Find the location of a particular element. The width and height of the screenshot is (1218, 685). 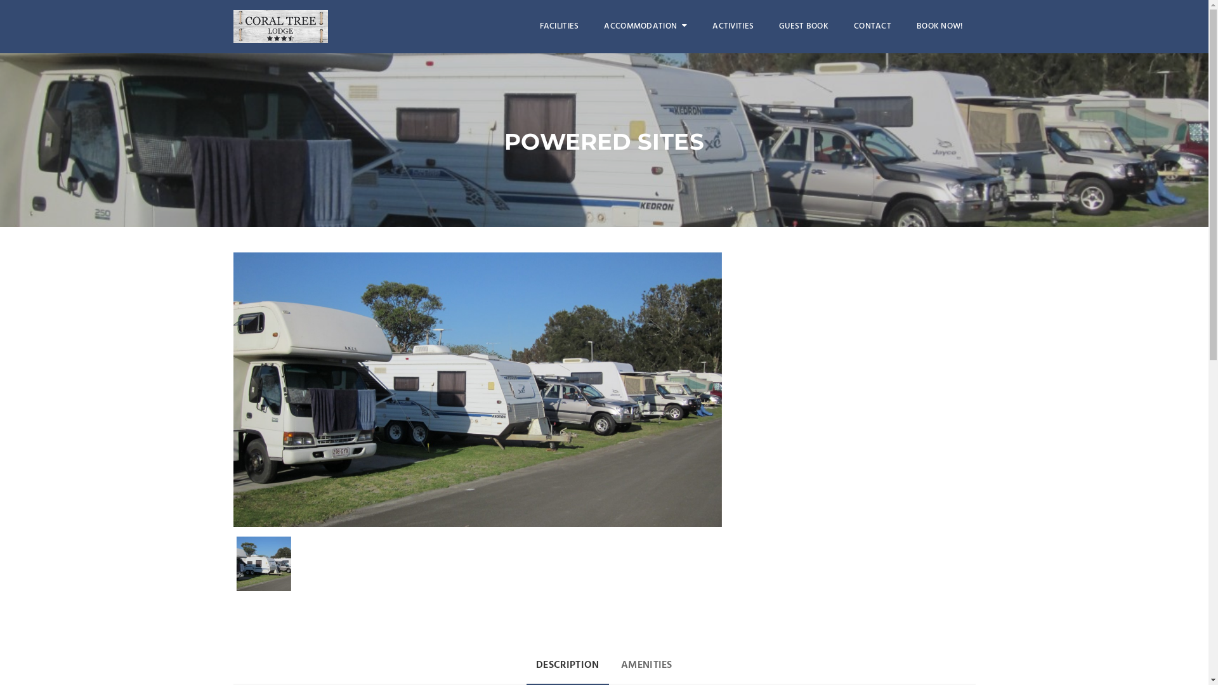

'ACCOMMODATION' is located at coordinates (590, 27).